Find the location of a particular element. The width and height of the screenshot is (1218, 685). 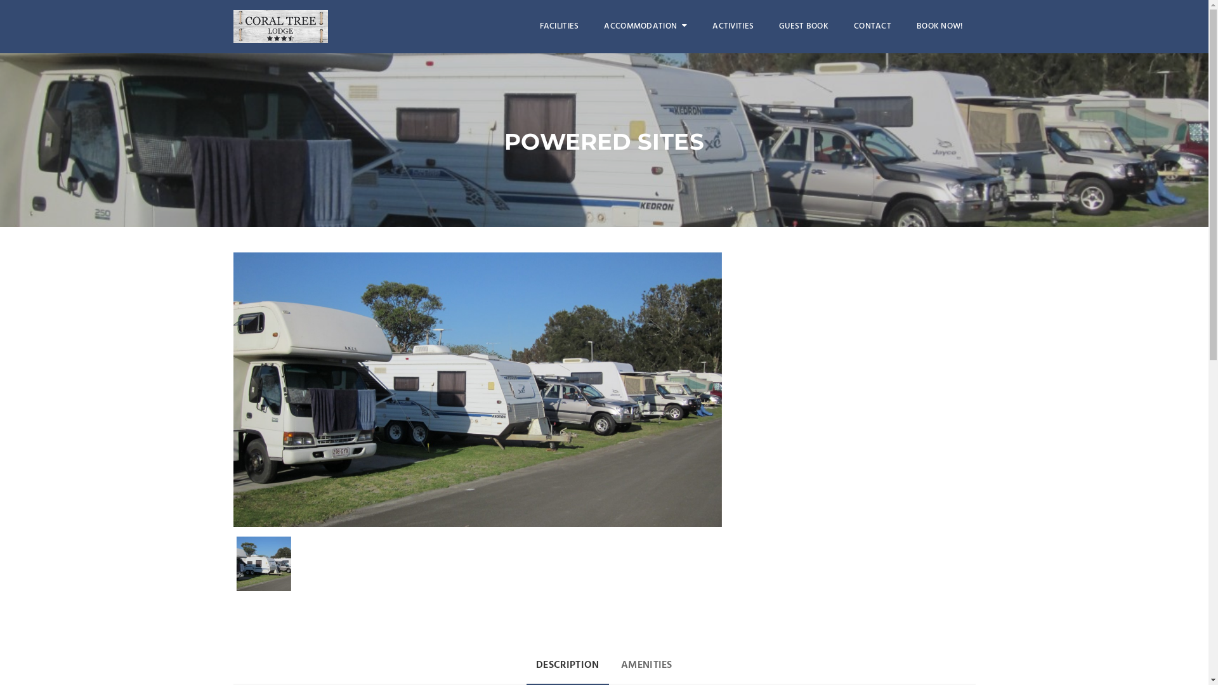

'ACCOMMODATION' is located at coordinates (590, 27).